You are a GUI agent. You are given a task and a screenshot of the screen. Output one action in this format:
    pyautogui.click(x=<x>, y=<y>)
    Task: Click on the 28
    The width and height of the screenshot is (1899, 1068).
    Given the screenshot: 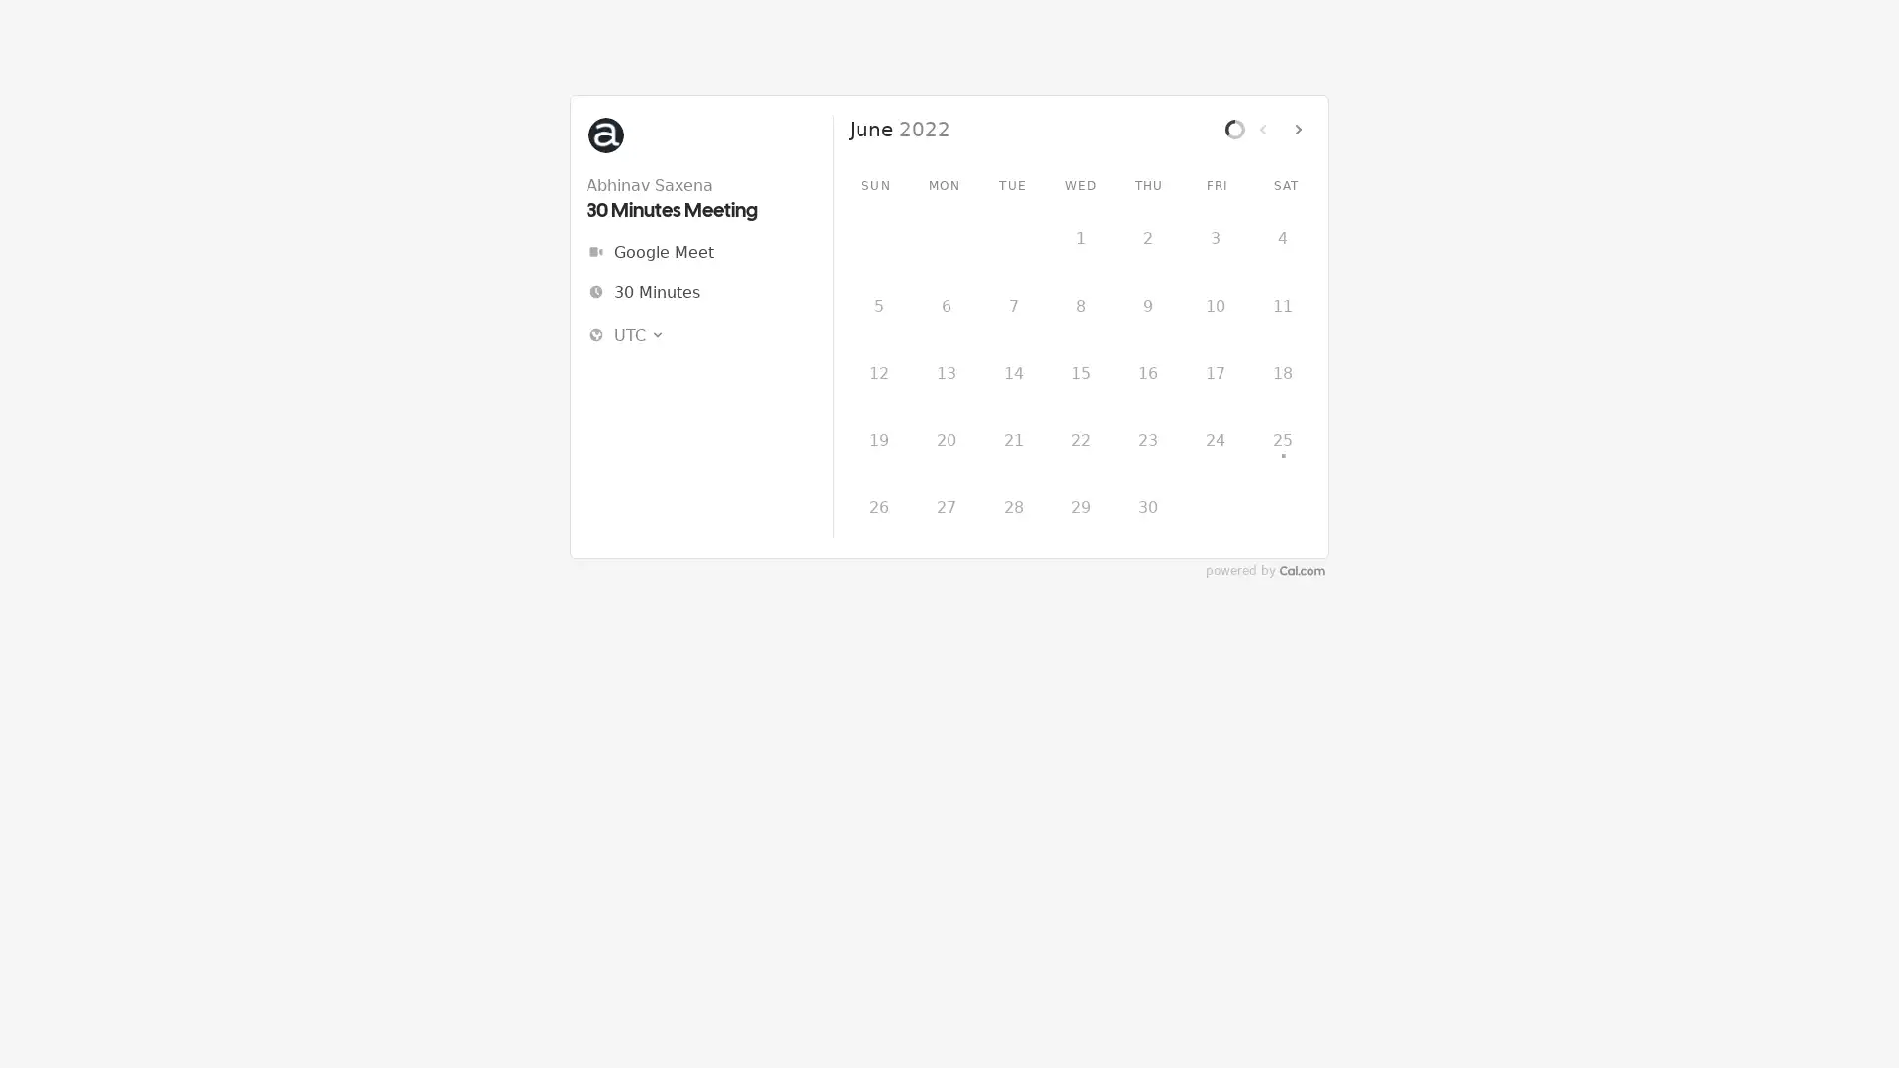 What is the action you would take?
    pyautogui.click(x=1014, y=506)
    